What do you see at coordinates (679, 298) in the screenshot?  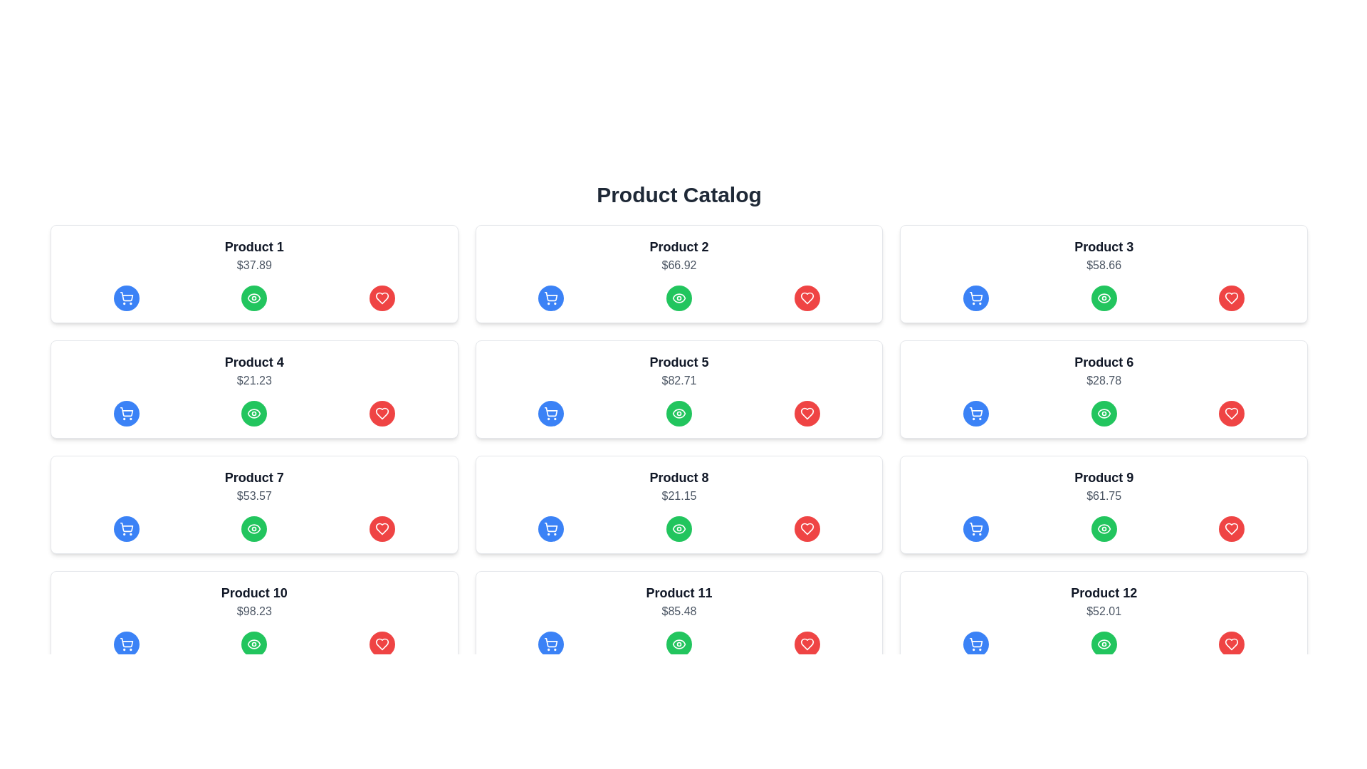 I see `the circular green button with a white eye-shaped icon at its center` at bounding box center [679, 298].